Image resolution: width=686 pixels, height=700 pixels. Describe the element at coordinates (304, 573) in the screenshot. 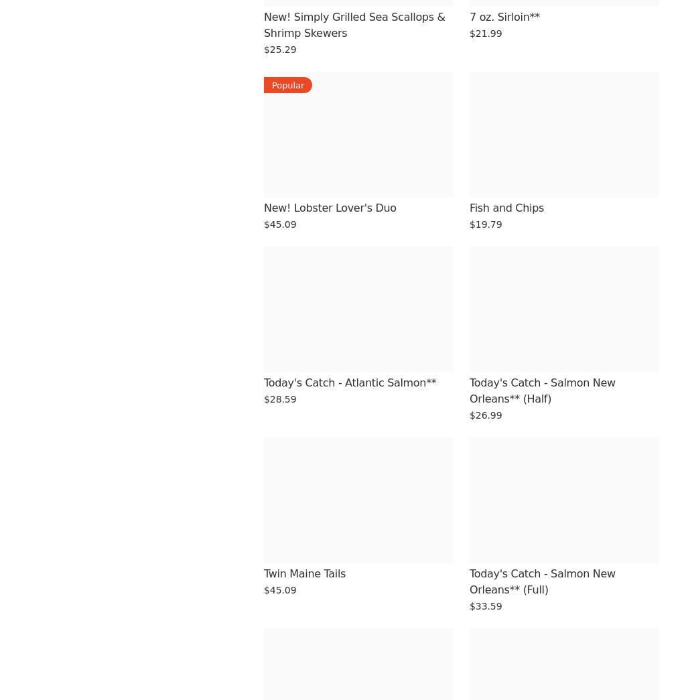

I see `'Twin Maine Tails'` at that location.